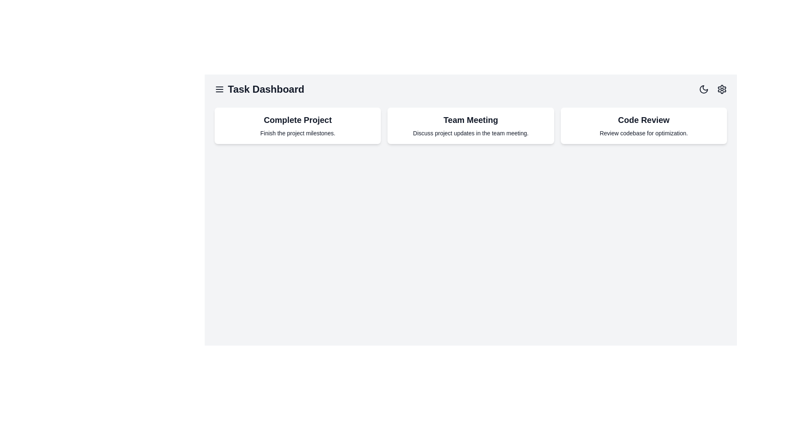  What do you see at coordinates (220, 89) in the screenshot?
I see `the menu icon located to the left of the 'Task Dashboard' text for keyboard interaction` at bounding box center [220, 89].